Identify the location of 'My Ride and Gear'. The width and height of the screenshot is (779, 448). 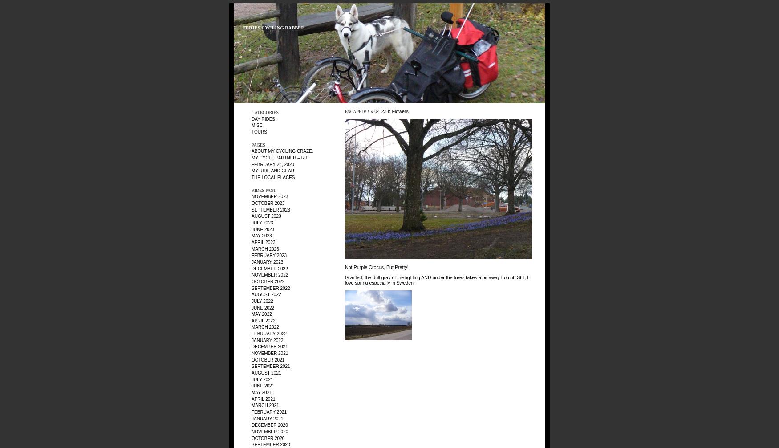
(252, 170).